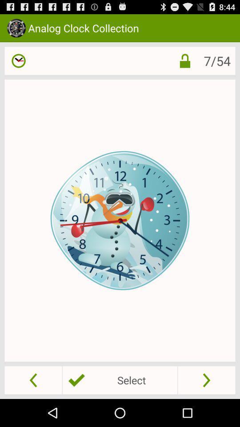 Image resolution: width=240 pixels, height=427 pixels. What do you see at coordinates (33, 379) in the screenshot?
I see `previous clock` at bounding box center [33, 379].